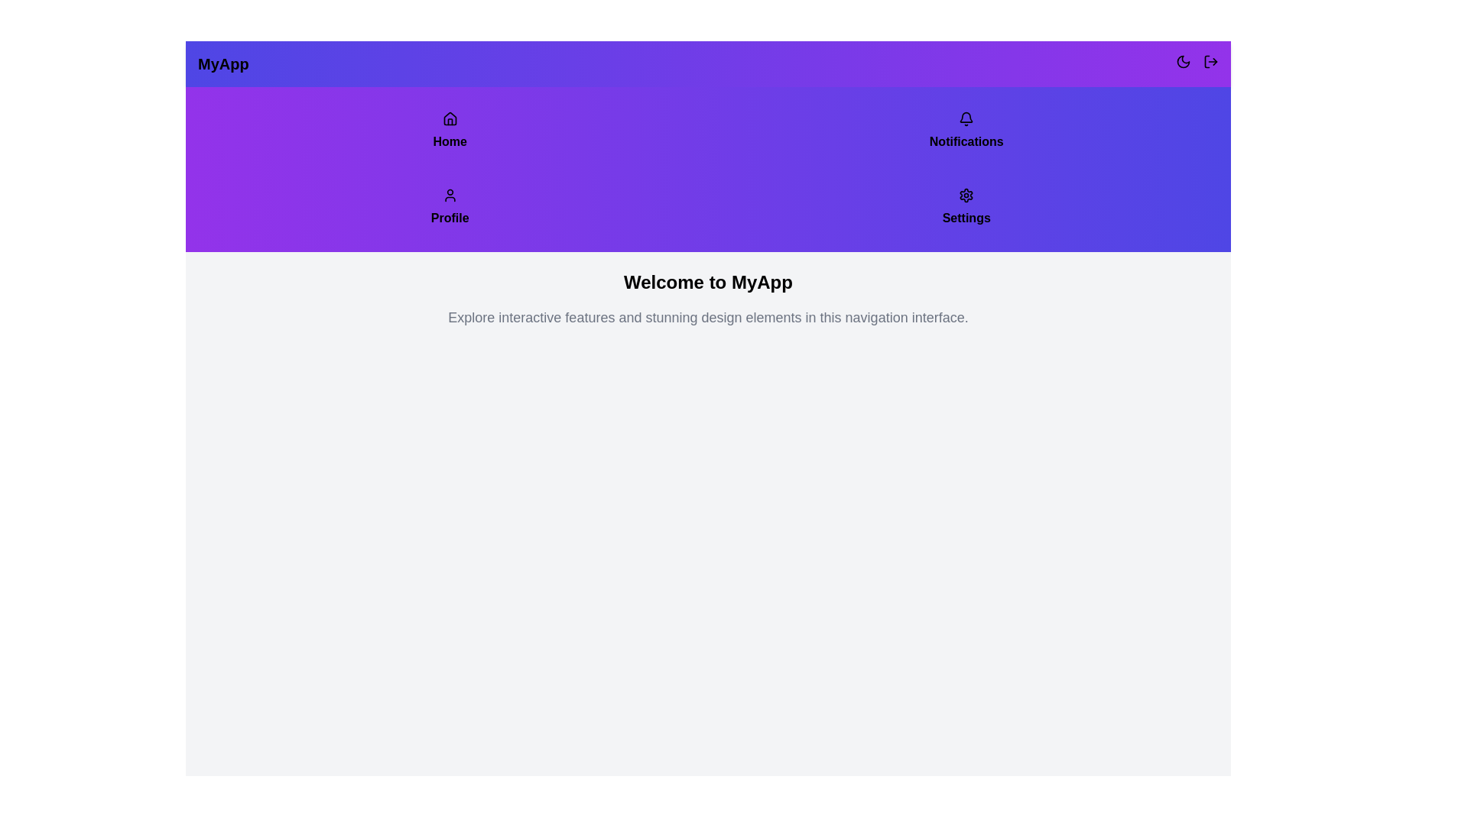 This screenshot has width=1468, height=825. What do you see at coordinates (222, 63) in the screenshot?
I see `the header text 'MyApp'` at bounding box center [222, 63].